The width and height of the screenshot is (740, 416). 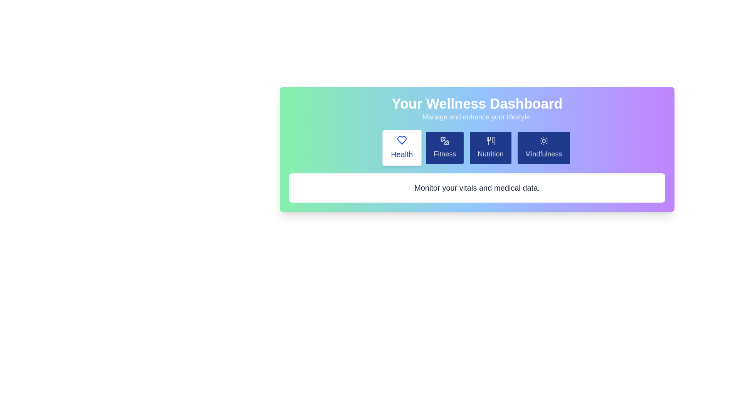 I want to click on the tab labeled Health to preview its hover state, so click(x=402, y=148).